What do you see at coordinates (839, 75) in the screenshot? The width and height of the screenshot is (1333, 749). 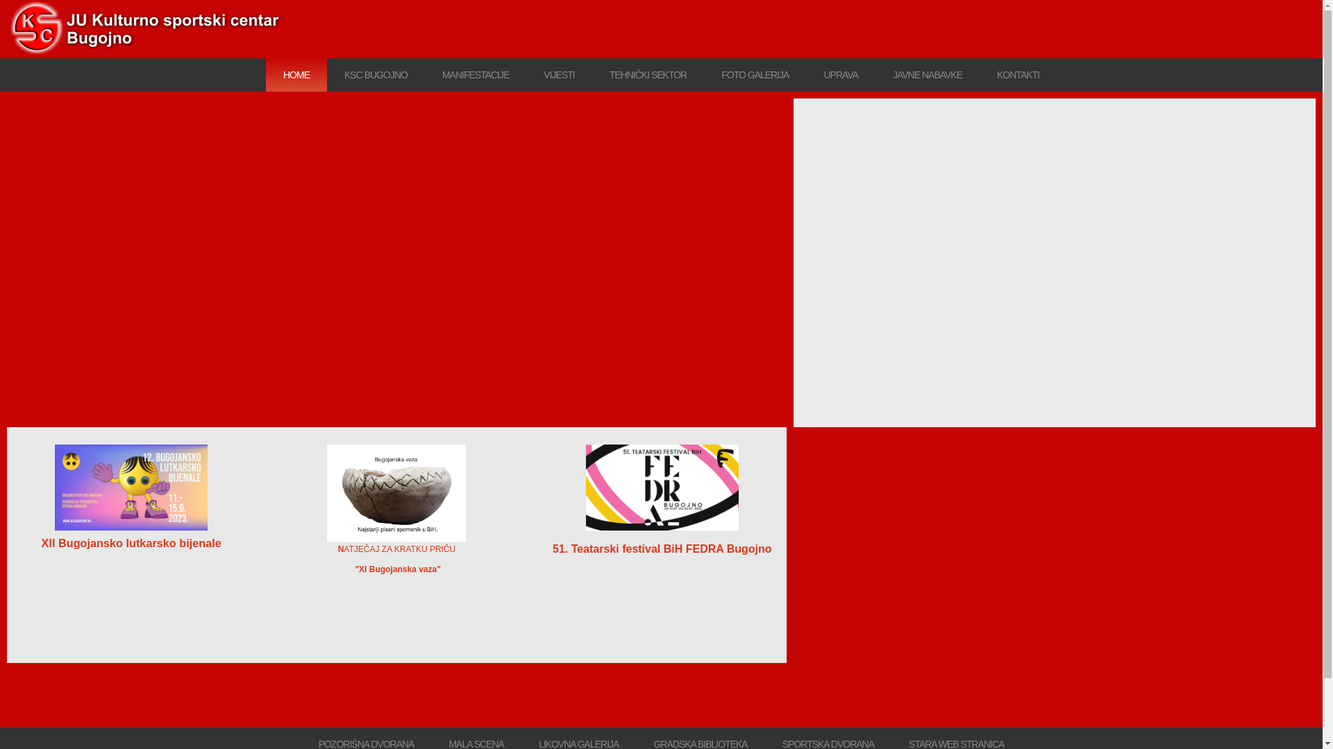 I see `'UPRAVA'` at bounding box center [839, 75].